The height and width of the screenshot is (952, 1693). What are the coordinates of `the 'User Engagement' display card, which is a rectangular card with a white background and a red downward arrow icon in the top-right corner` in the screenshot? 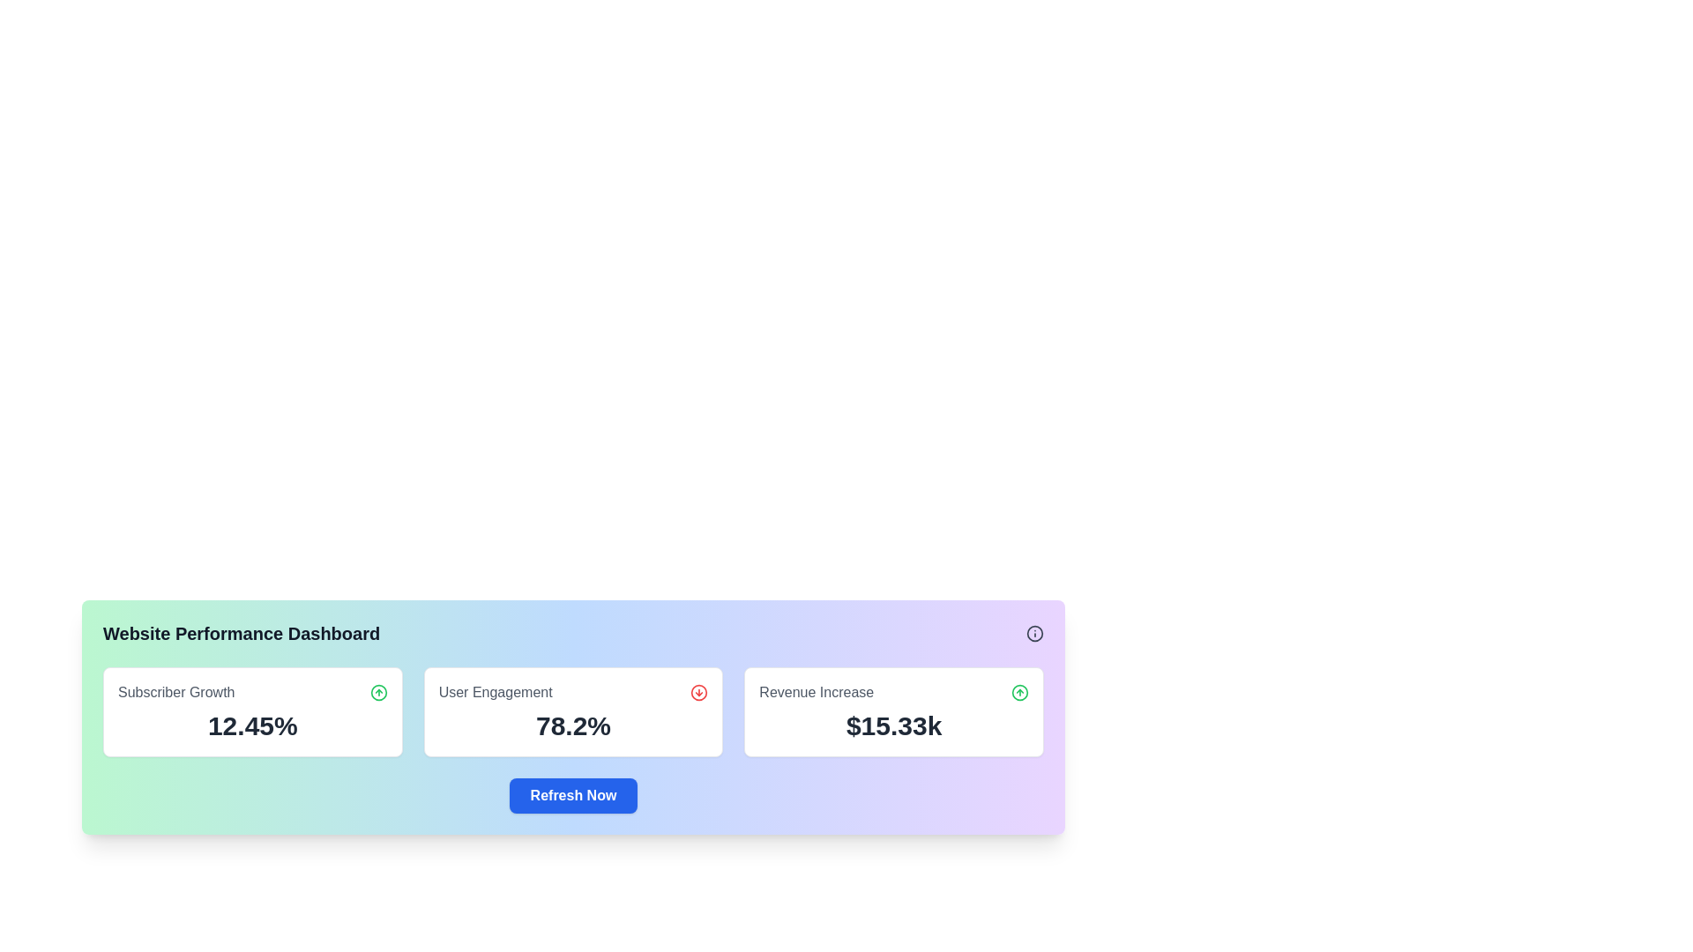 It's located at (573, 710).